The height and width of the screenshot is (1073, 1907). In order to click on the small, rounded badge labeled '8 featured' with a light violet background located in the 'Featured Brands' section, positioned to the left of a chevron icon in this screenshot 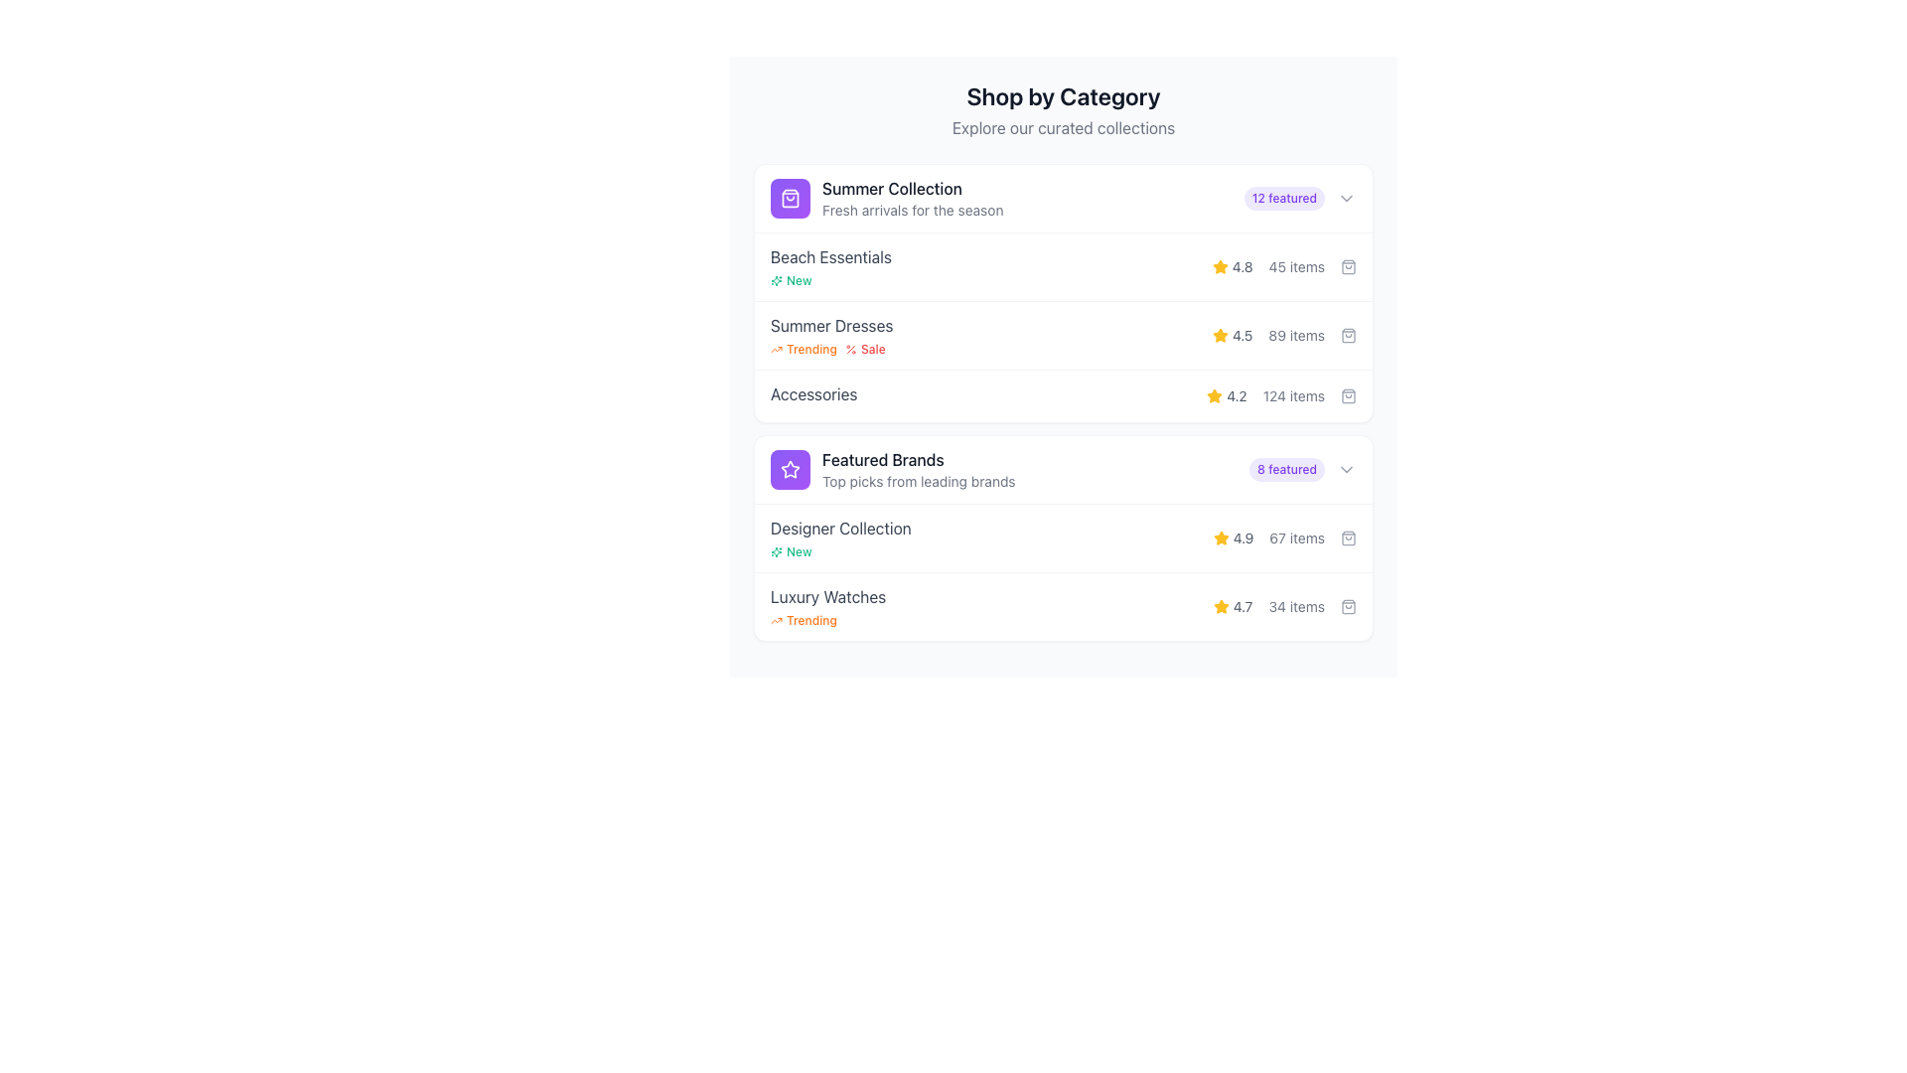, I will do `click(1287, 470)`.